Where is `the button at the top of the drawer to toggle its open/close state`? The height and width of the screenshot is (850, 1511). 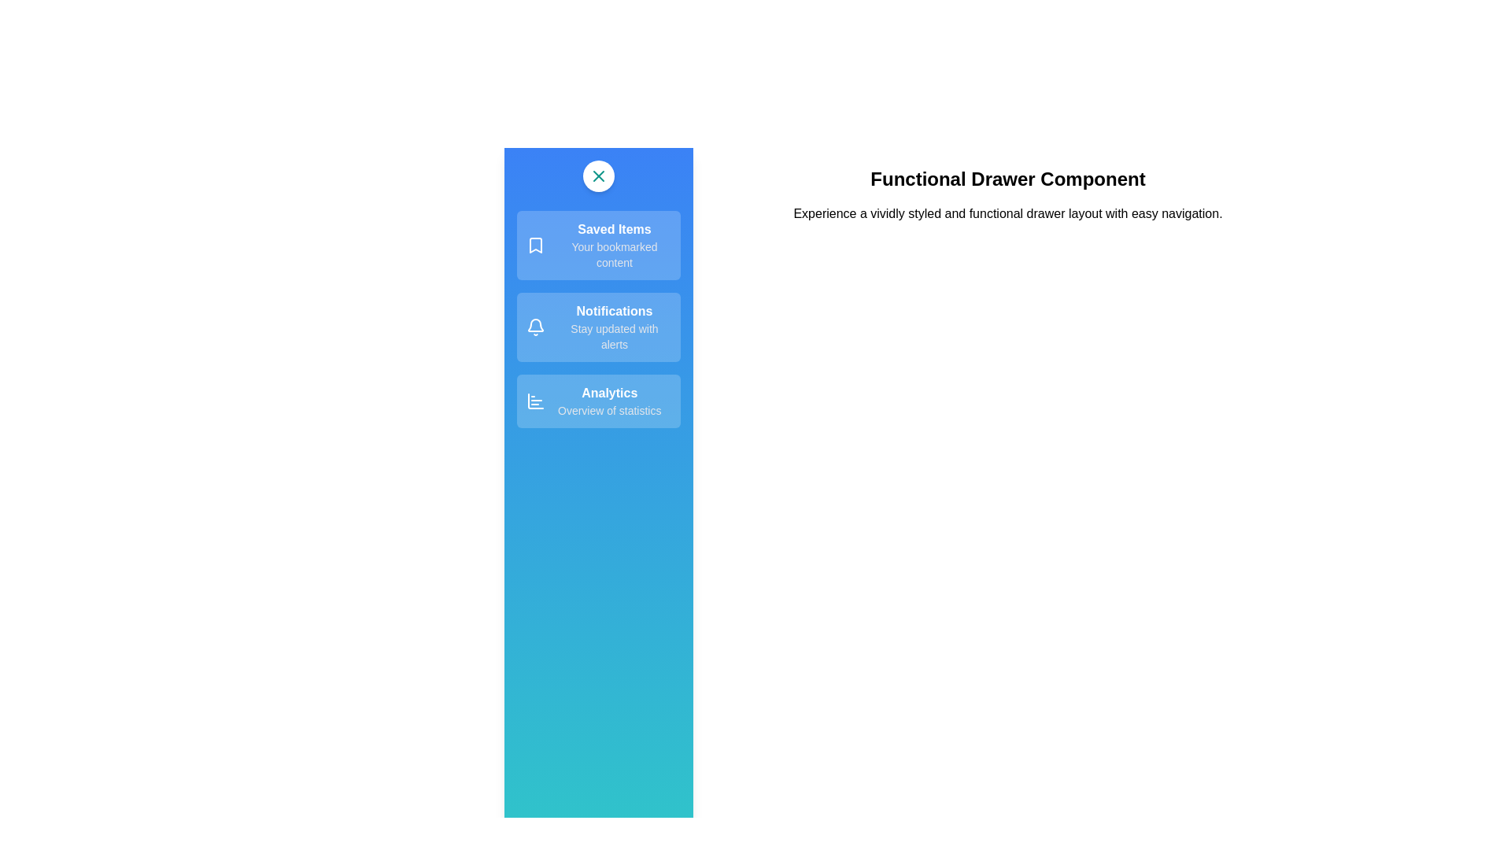
the button at the top of the drawer to toggle its open/close state is located at coordinates (598, 176).